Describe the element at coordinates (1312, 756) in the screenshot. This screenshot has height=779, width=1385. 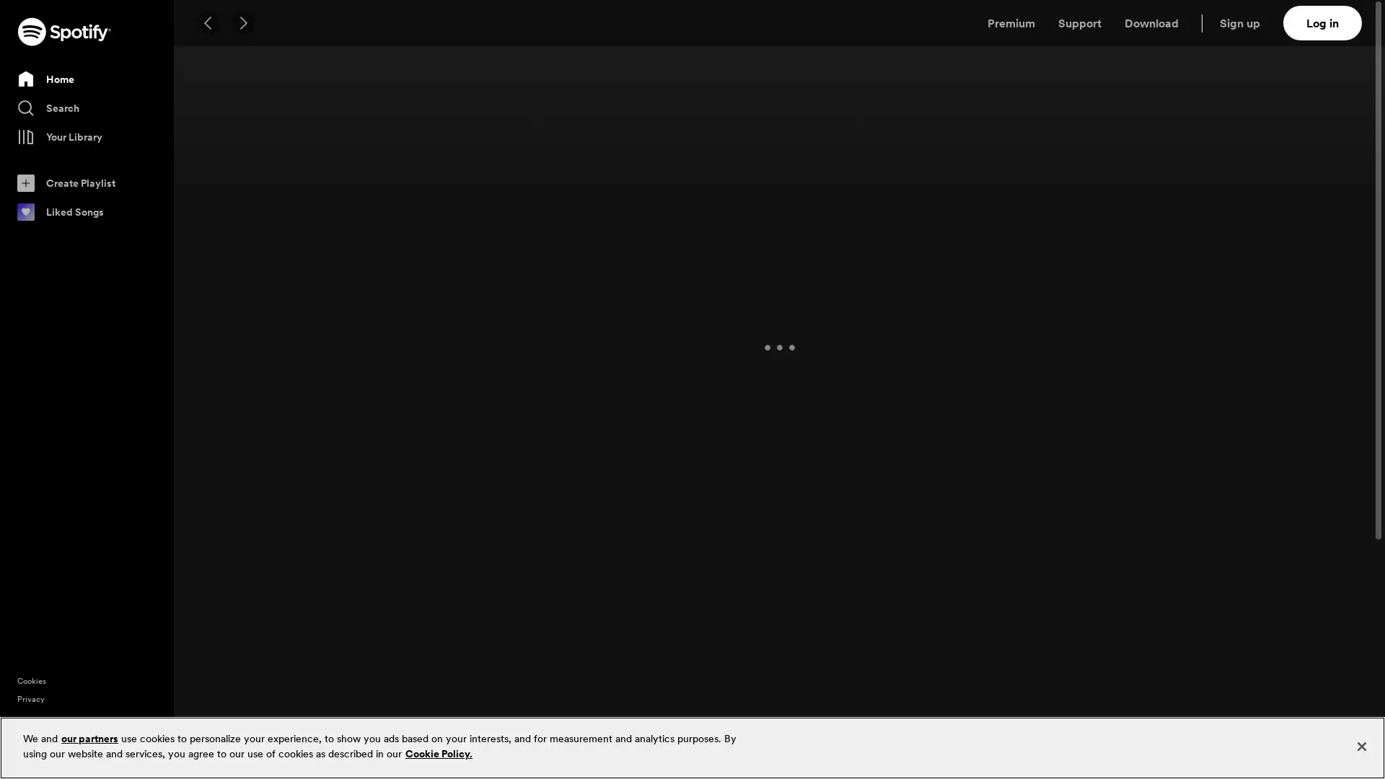
I see `Sign up free` at that location.